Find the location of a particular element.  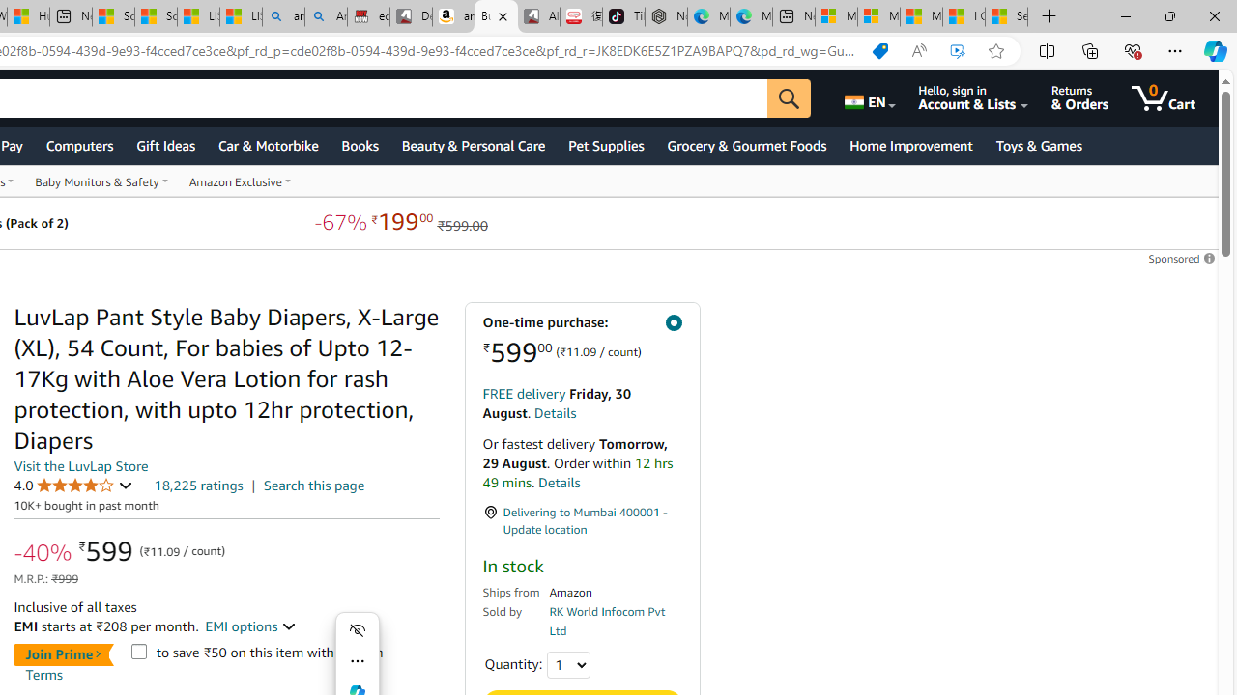

'Enhance video' is located at coordinates (958, 50).